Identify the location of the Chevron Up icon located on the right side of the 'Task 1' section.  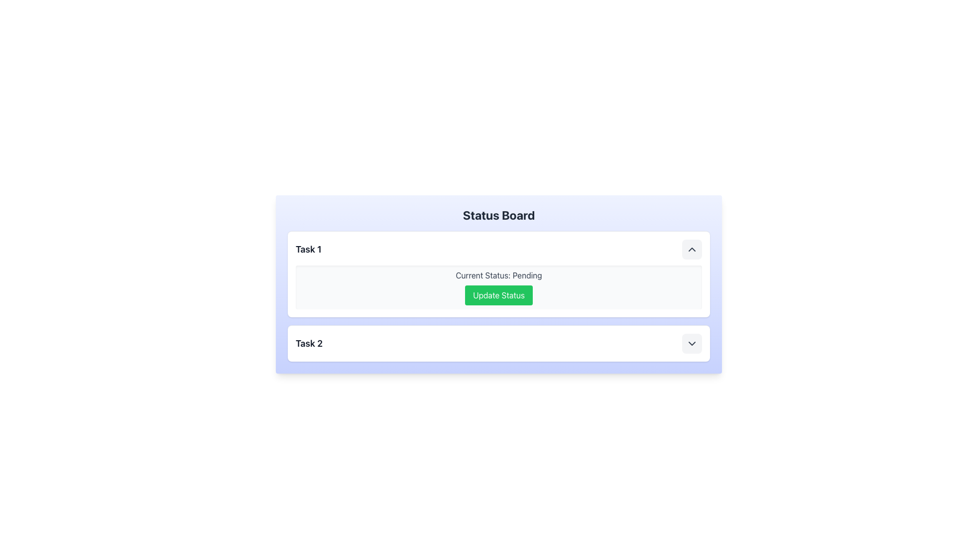
(692, 249).